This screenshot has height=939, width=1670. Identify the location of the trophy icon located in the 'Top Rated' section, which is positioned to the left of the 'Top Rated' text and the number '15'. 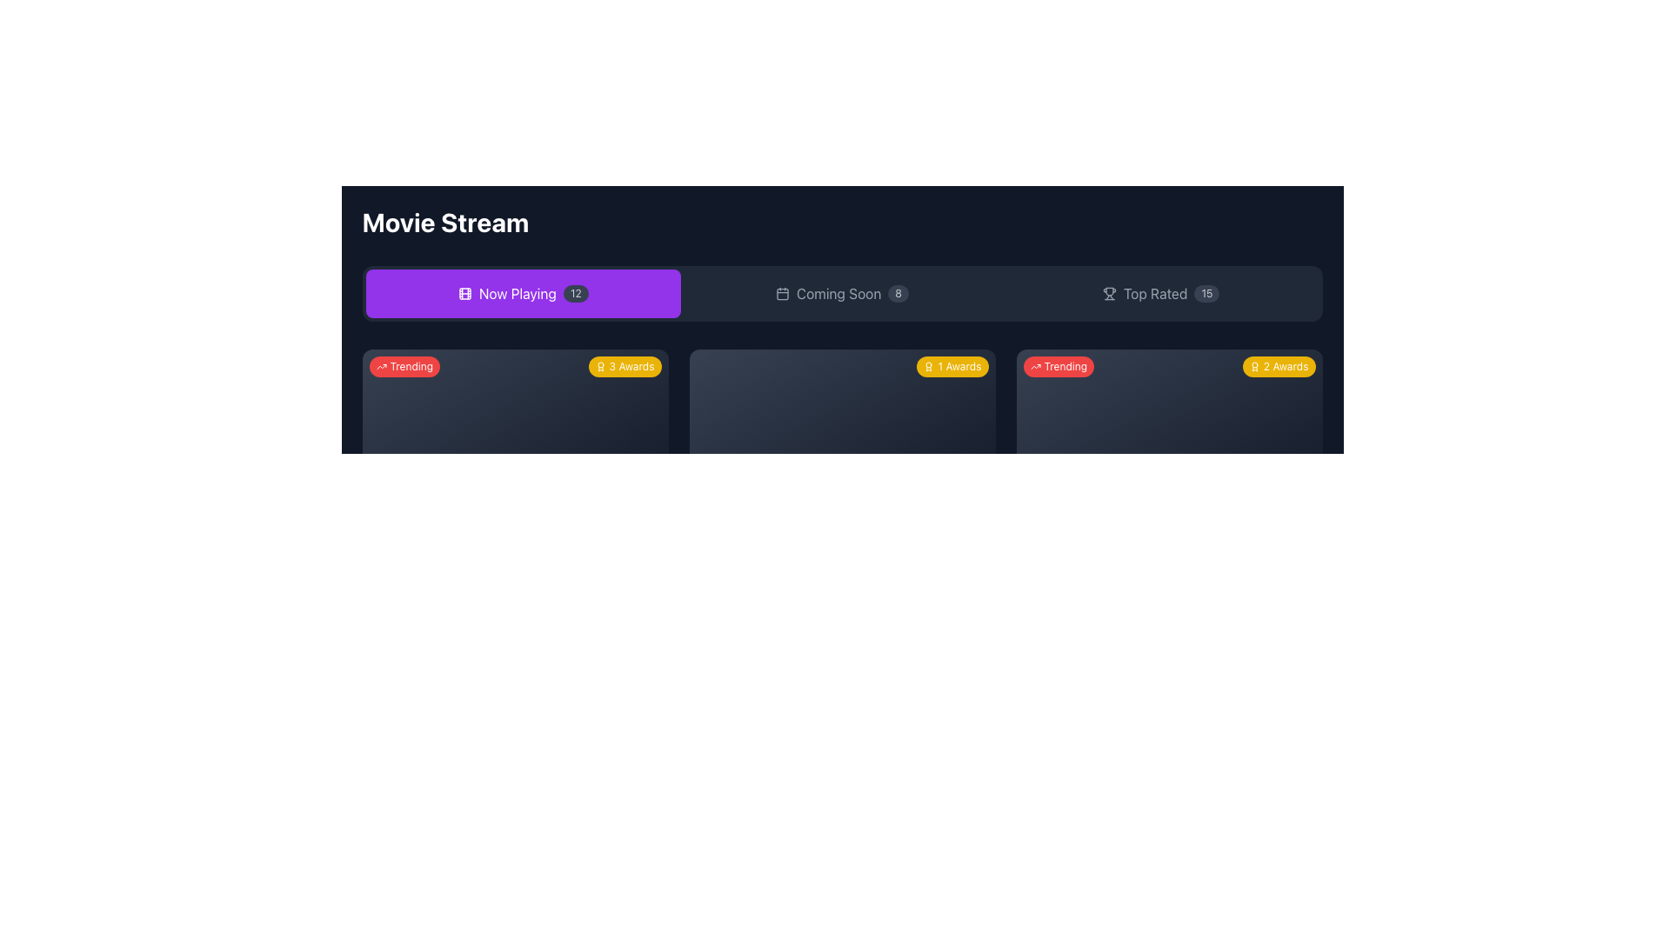
(1109, 293).